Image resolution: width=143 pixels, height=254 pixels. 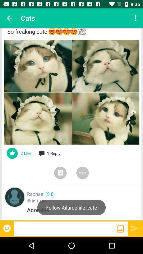 What do you see at coordinates (15, 197) in the screenshot?
I see `the icon to the left of raphael icon` at bounding box center [15, 197].